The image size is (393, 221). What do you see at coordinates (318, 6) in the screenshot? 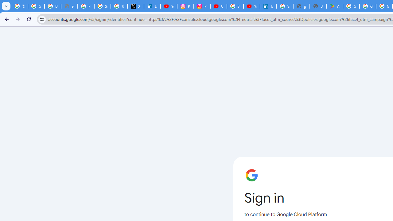
I see `'User Details'` at bounding box center [318, 6].